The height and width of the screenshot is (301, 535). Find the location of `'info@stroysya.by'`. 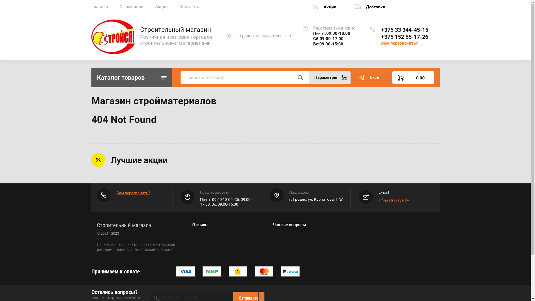

'info@stroysya.by' is located at coordinates (393, 200).